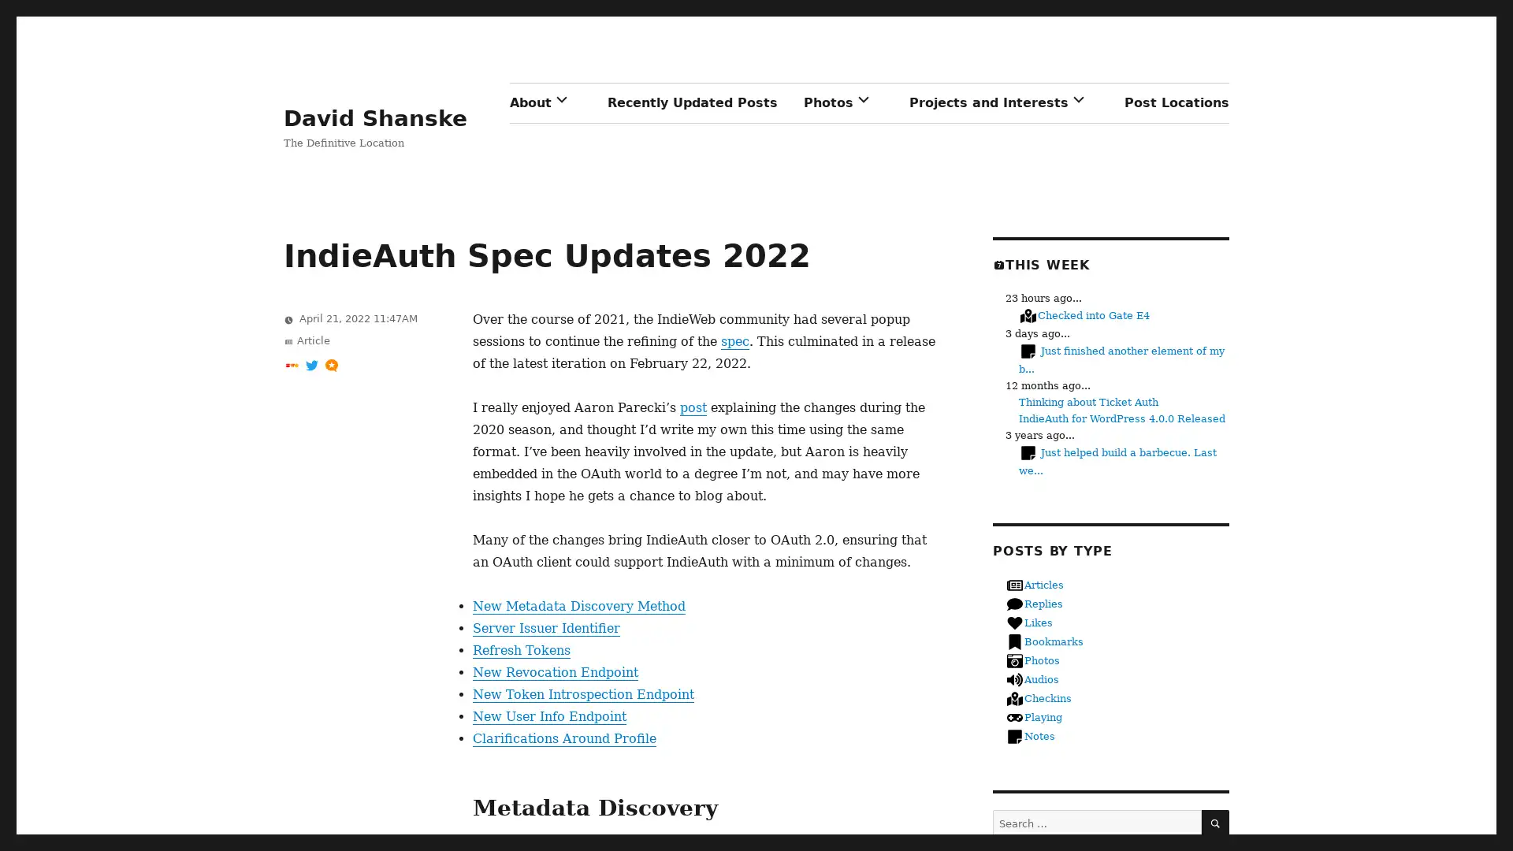  What do you see at coordinates (1214, 823) in the screenshot?
I see `SEARCH` at bounding box center [1214, 823].